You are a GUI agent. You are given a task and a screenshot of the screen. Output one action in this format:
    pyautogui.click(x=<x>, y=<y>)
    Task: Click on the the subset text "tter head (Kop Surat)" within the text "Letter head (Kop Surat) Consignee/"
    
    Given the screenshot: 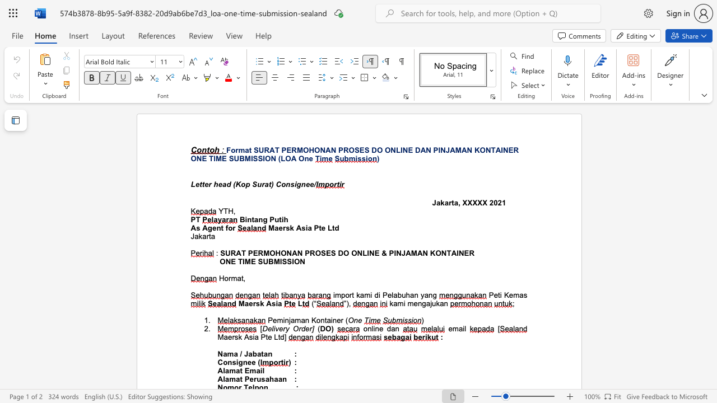 What is the action you would take?
    pyautogui.click(x=199, y=184)
    